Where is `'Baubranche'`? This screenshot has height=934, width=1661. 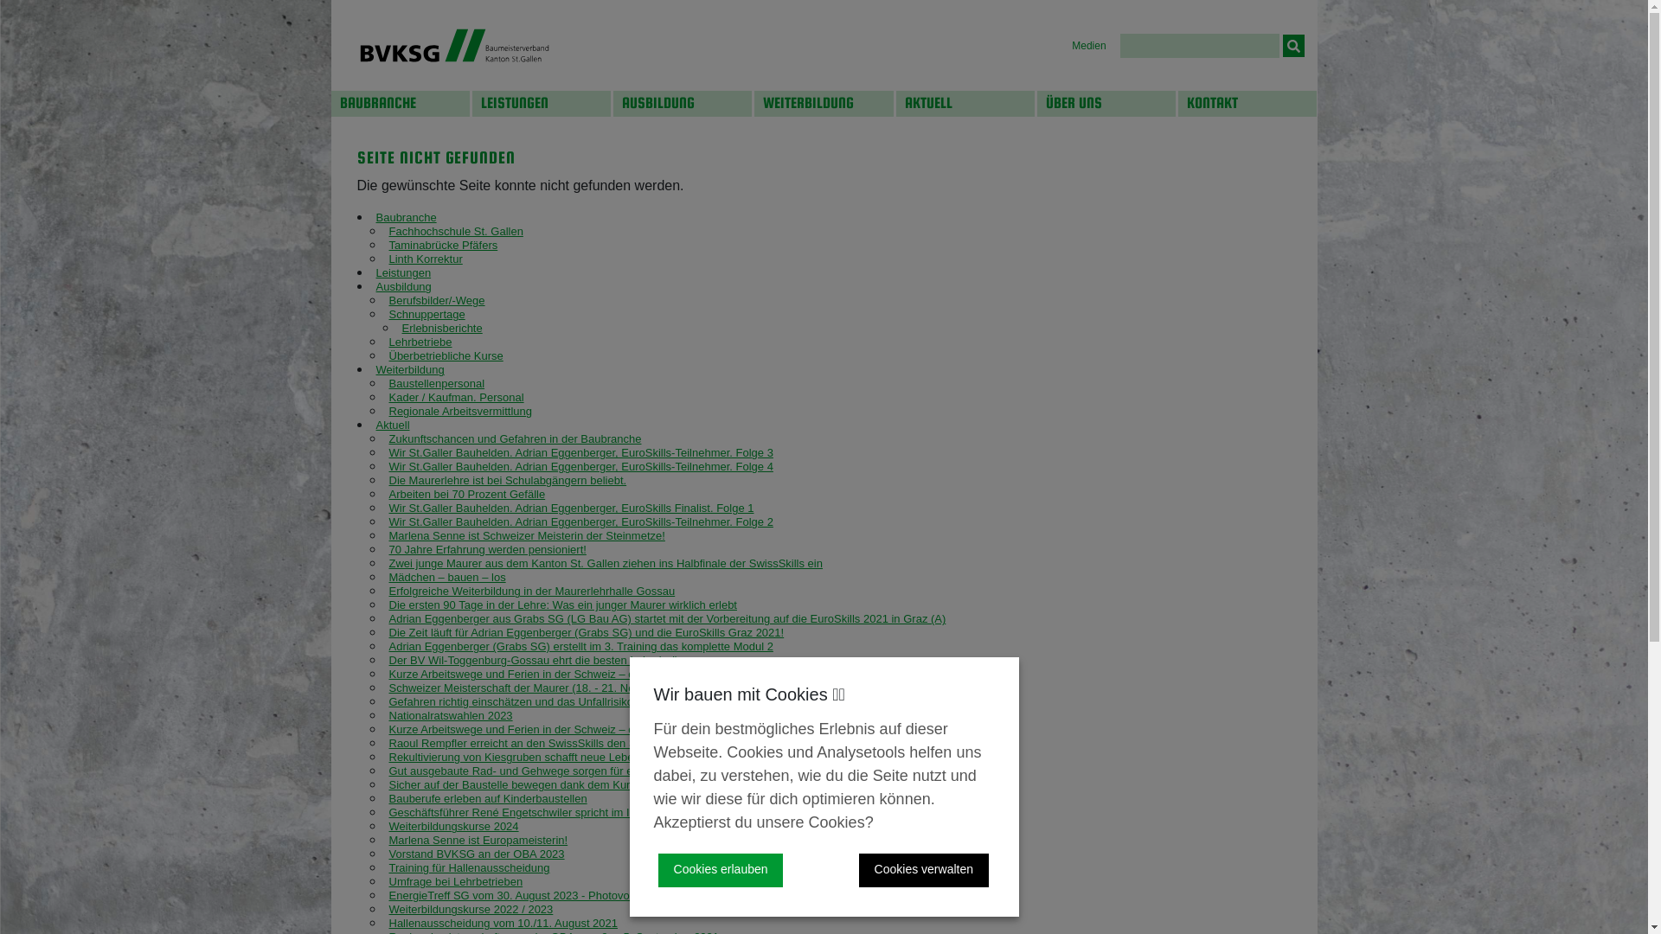
'Baubranche' is located at coordinates (405, 216).